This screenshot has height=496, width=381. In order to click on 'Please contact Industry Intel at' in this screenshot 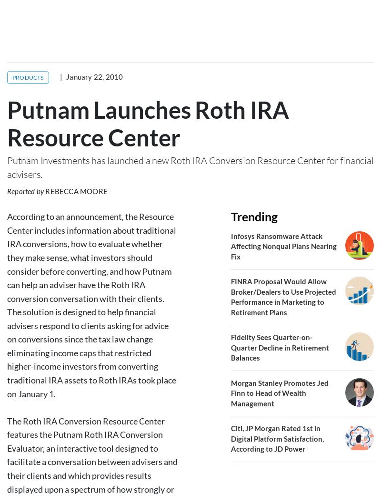, I will do `click(96, 394)`.